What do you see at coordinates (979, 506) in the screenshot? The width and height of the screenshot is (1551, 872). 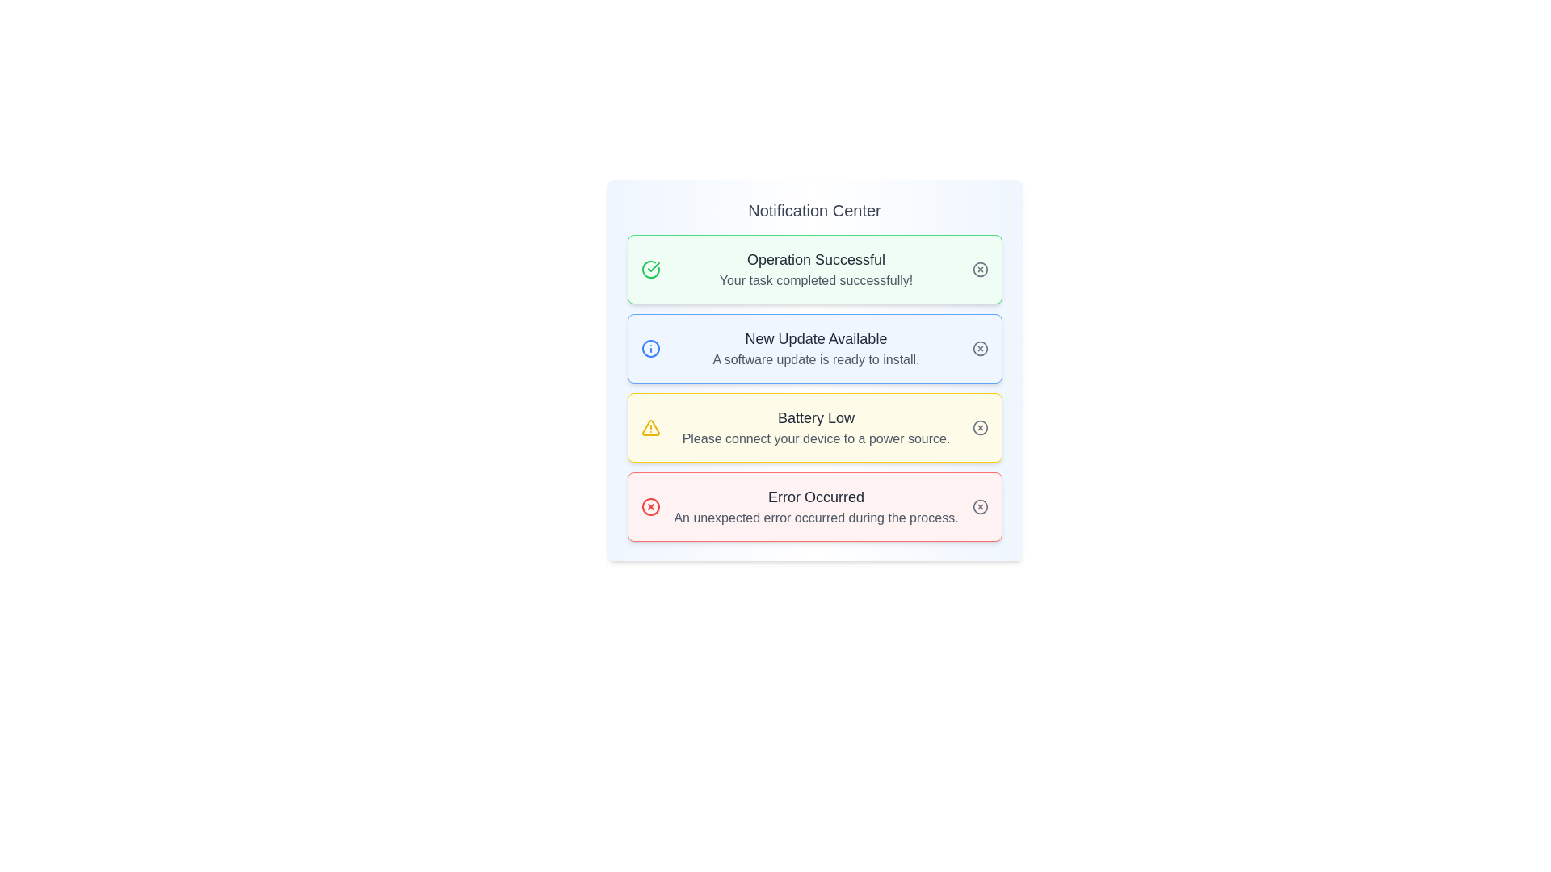 I see `the dismiss button located at the far right of the 'Error Occurred' notification card` at bounding box center [979, 506].